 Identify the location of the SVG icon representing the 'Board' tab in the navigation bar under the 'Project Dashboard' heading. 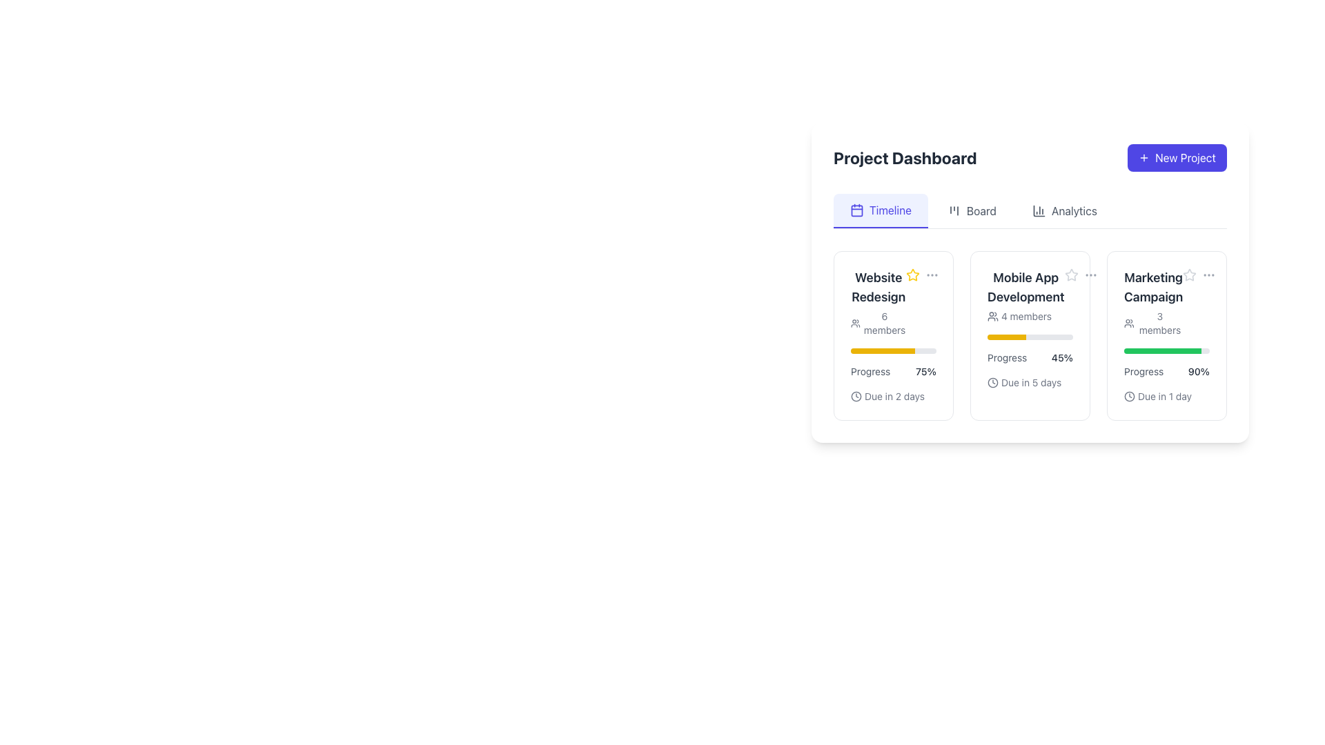
(953, 210).